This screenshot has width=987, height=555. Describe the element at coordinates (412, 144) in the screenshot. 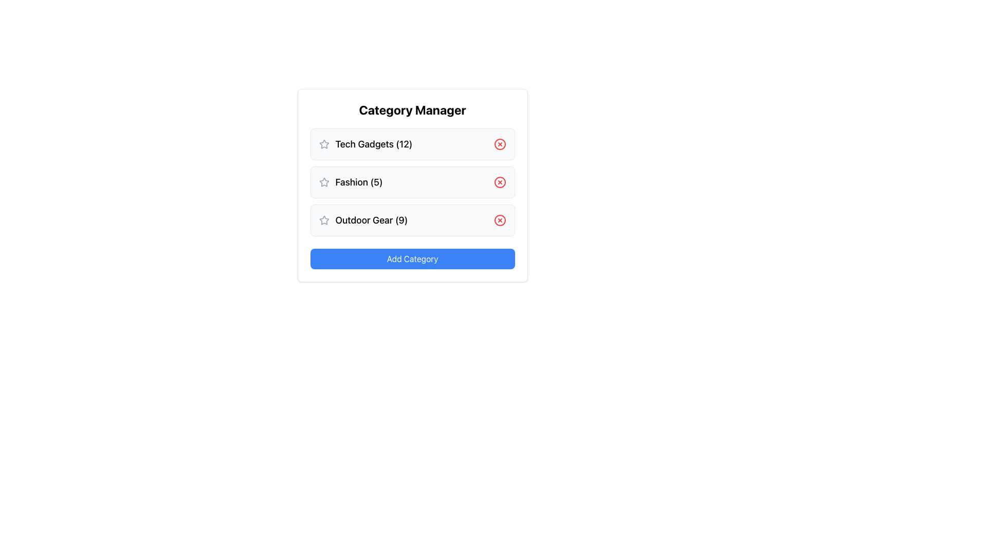

I see `the 'Tech Gadgets (12)' category element` at that location.